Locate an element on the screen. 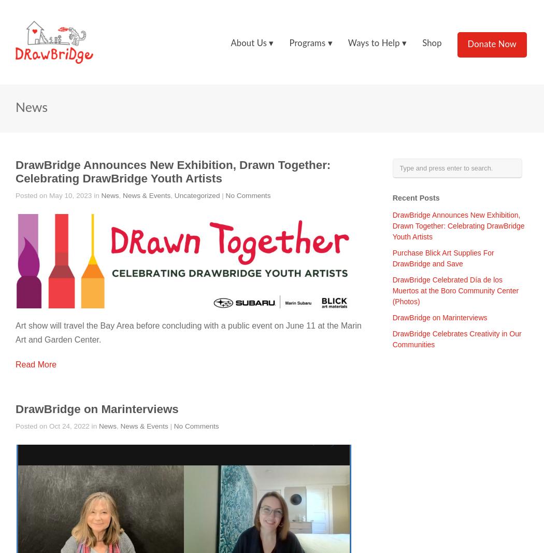  'Art show will travel the Bay Area before concluding with a public event on June 11 at the Marin Art and Garden Center.' is located at coordinates (188, 333).